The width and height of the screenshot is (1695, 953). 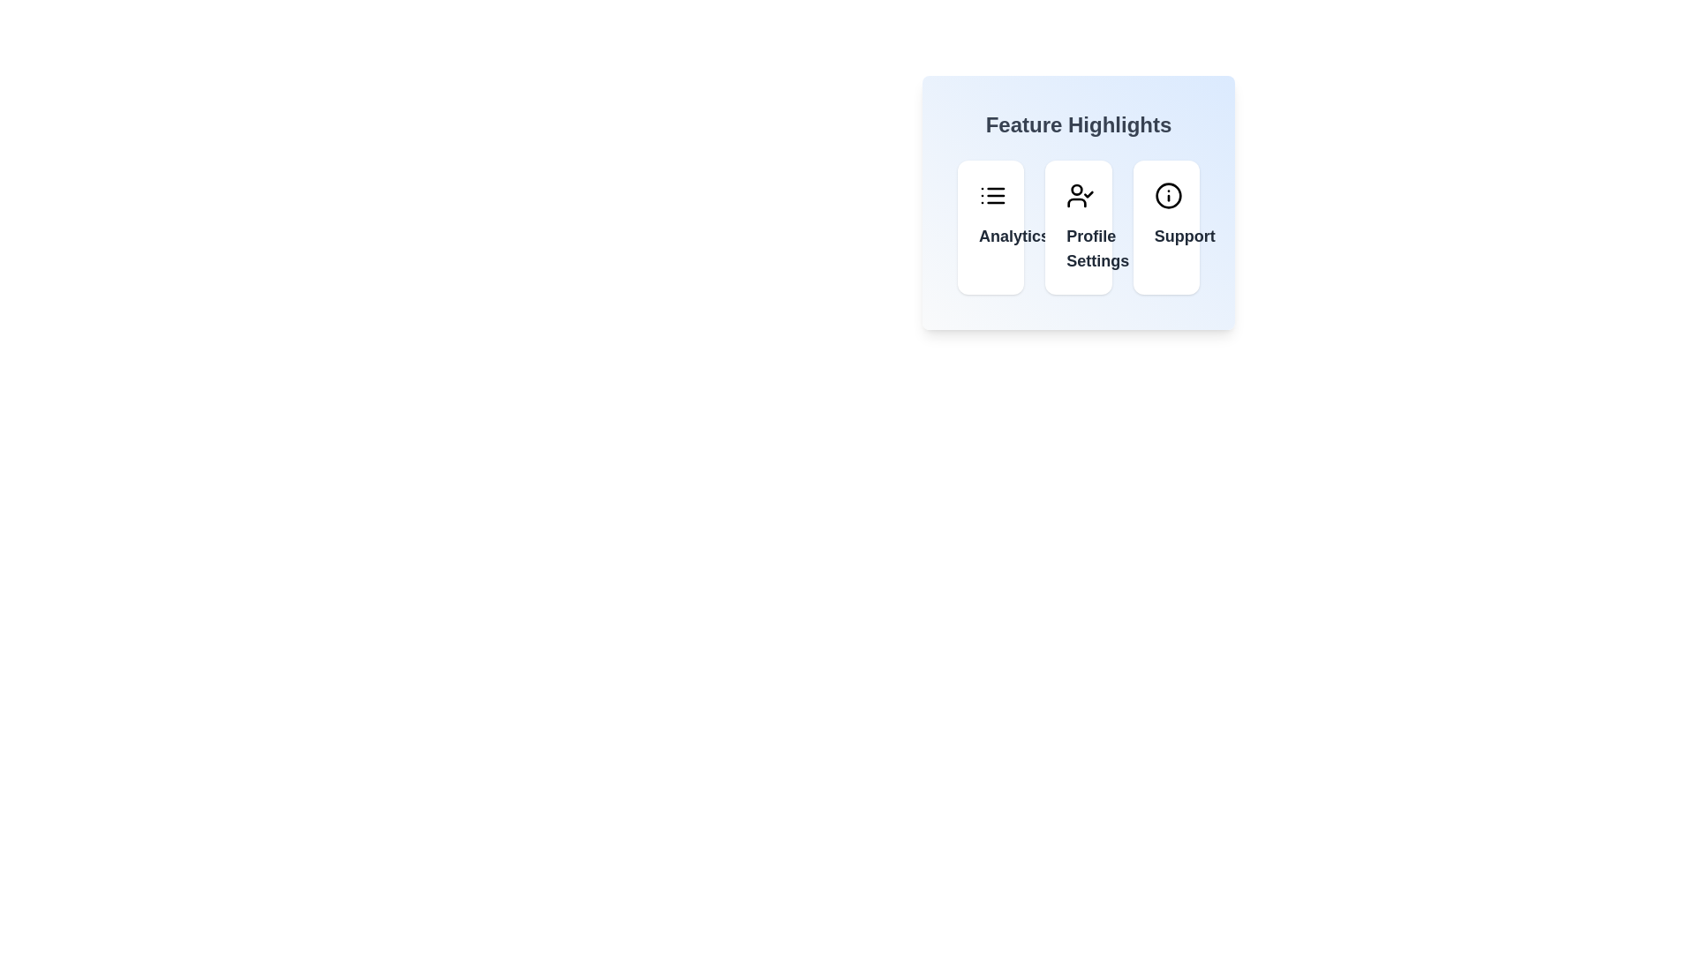 What do you see at coordinates (1076, 190) in the screenshot?
I see `the circular part of the 'Profile Settings' icon, which is a small circle with a radius of 4 units within the SVG representation of a user profile check mark` at bounding box center [1076, 190].